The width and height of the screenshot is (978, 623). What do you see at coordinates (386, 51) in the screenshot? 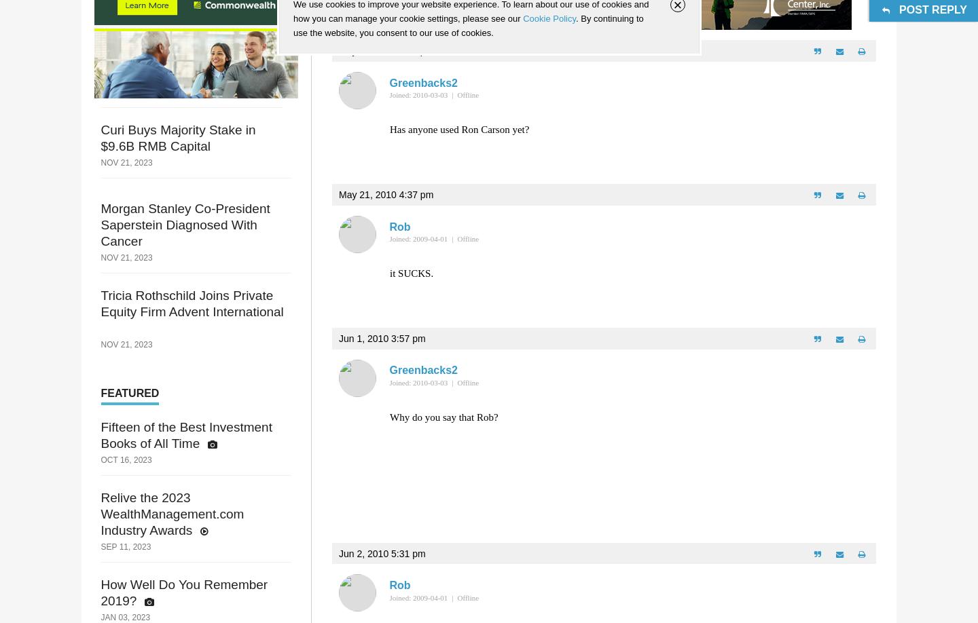
I see `'May 20, 2010 9:56 pm'` at bounding box center [386, 51].